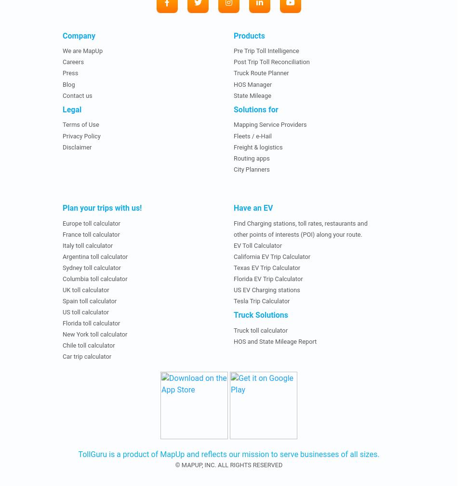 The height and width of the screenshot is (486, 465). What do you see at coordinates (91, 223) in the screenshot?
I see `'Europe toll calculator'` at bounding box center [91, 223].